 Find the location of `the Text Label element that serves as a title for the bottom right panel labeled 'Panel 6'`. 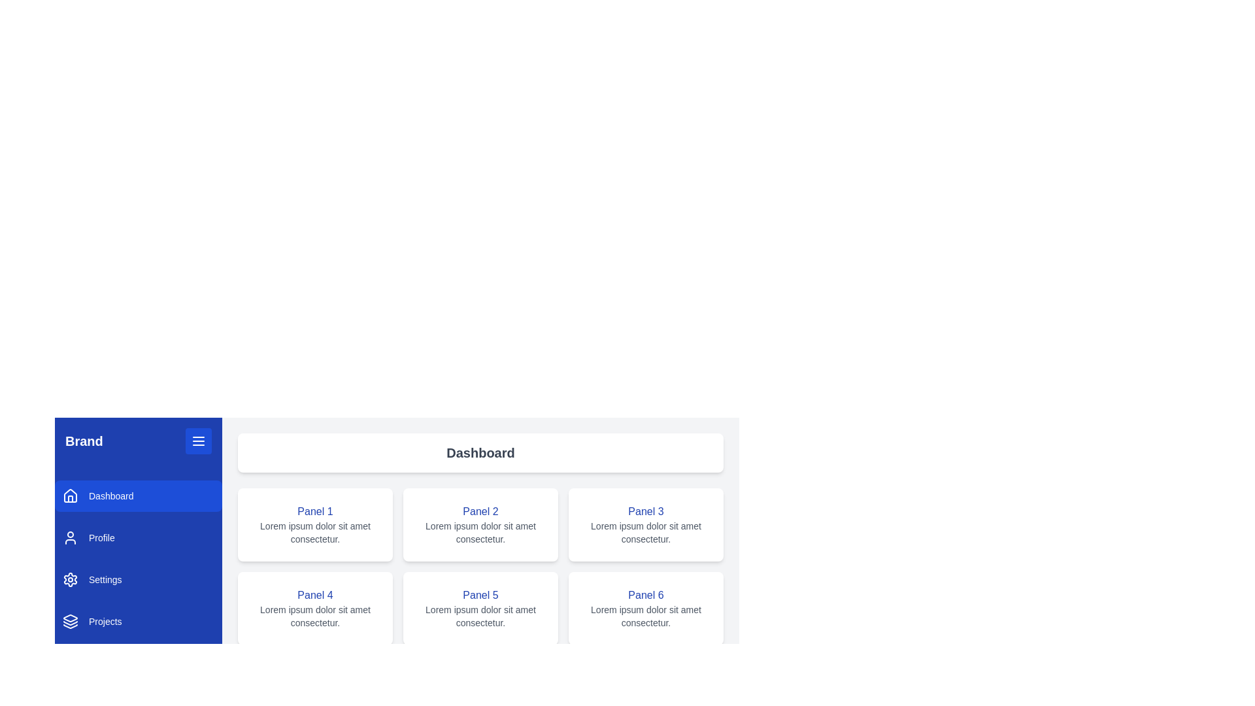

the Text Label element that serves as a title for the bottom right panel labeled 'Panel 6' is located at coordinates (646, 595).